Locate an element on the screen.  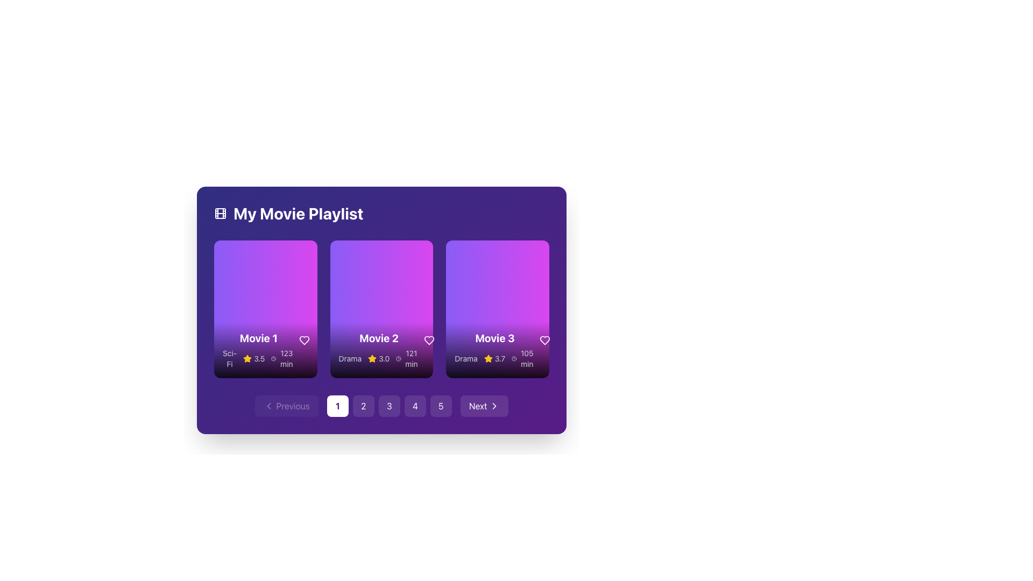
the informational display component for 'Movie 3' which includes the title, genre, rating, and duration, located in the third movie card under 'My Movie Playlist' is located at coordinates (497, 350).